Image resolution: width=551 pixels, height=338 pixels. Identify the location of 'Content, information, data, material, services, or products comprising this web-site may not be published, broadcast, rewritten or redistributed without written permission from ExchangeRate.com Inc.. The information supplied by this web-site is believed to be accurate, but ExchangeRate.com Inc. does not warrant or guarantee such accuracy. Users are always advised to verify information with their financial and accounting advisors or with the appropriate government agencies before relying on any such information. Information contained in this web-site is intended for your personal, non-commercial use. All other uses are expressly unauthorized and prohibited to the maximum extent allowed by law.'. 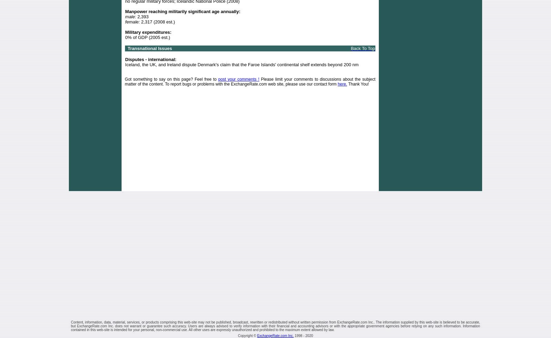
(275, 326).